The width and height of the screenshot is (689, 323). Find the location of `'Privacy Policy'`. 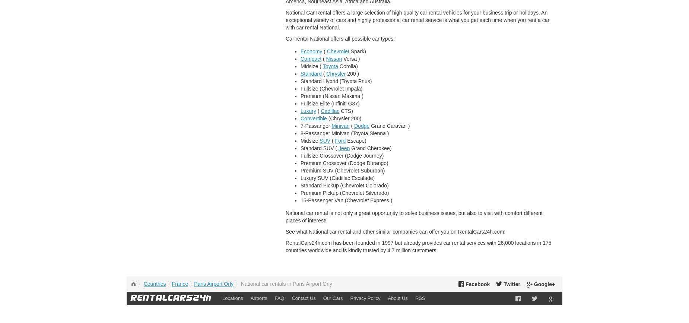

'Privacy Policy' is located at coordinates (365, 298).